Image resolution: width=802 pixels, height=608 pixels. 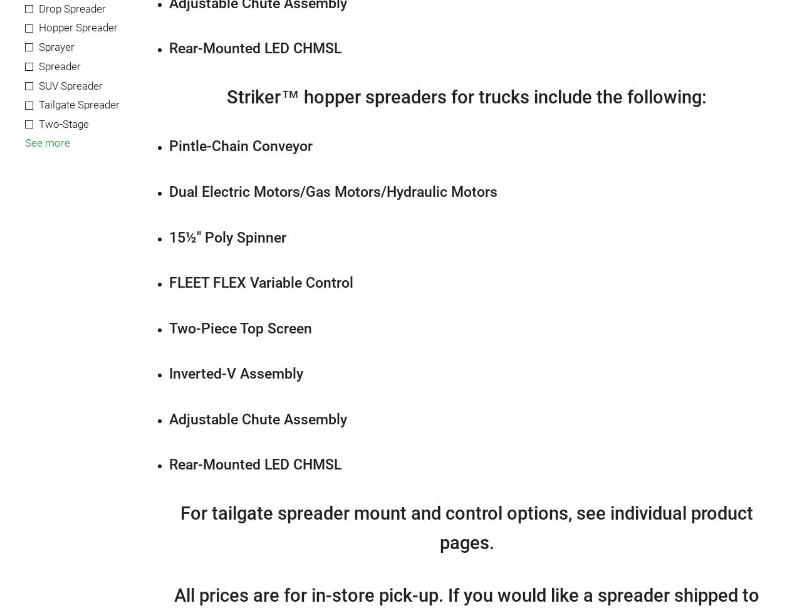 What do you see at coordinates (24, 143) in the screenshot?
I see `'See more'` at bounding box center [24, 143].